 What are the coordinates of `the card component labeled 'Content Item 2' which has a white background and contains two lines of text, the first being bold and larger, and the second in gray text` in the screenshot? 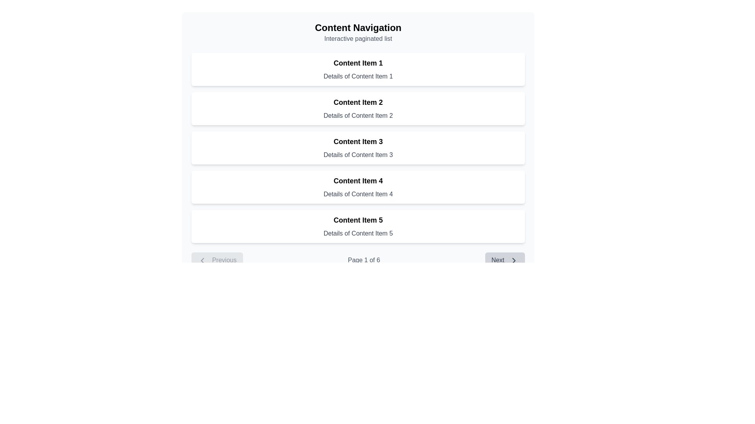 It's located at (358, 109).